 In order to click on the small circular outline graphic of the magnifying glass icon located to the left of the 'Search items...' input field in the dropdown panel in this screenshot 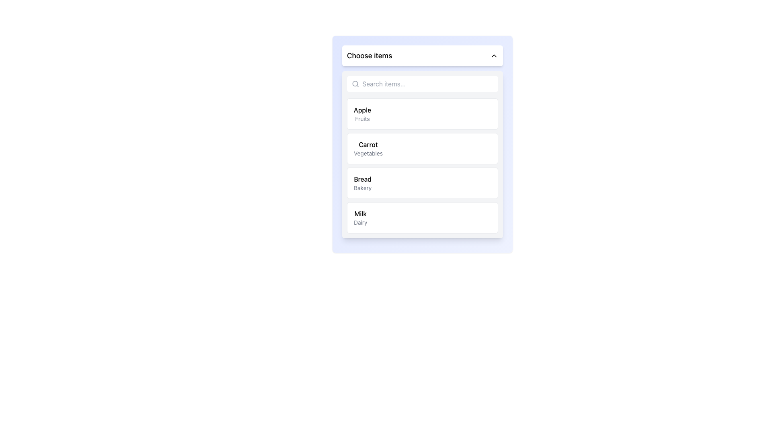, I will do `click(355, 84)`.